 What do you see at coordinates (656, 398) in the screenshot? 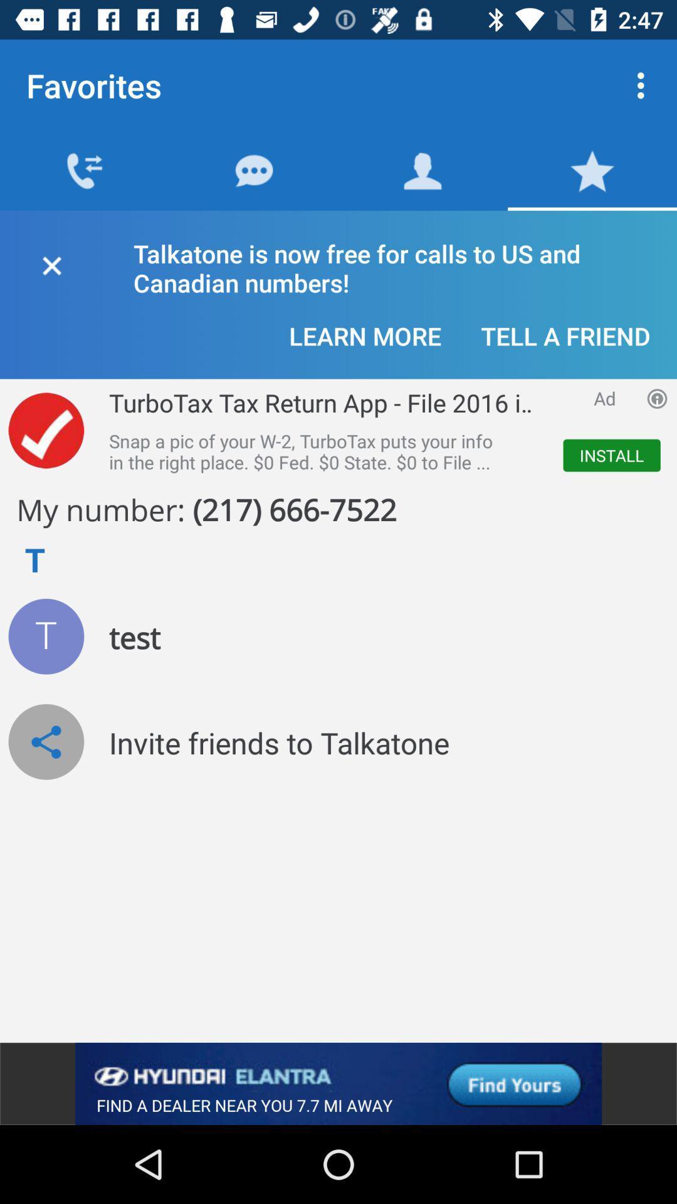
I see `more information about advertisement` at bounding box center [656, 398].